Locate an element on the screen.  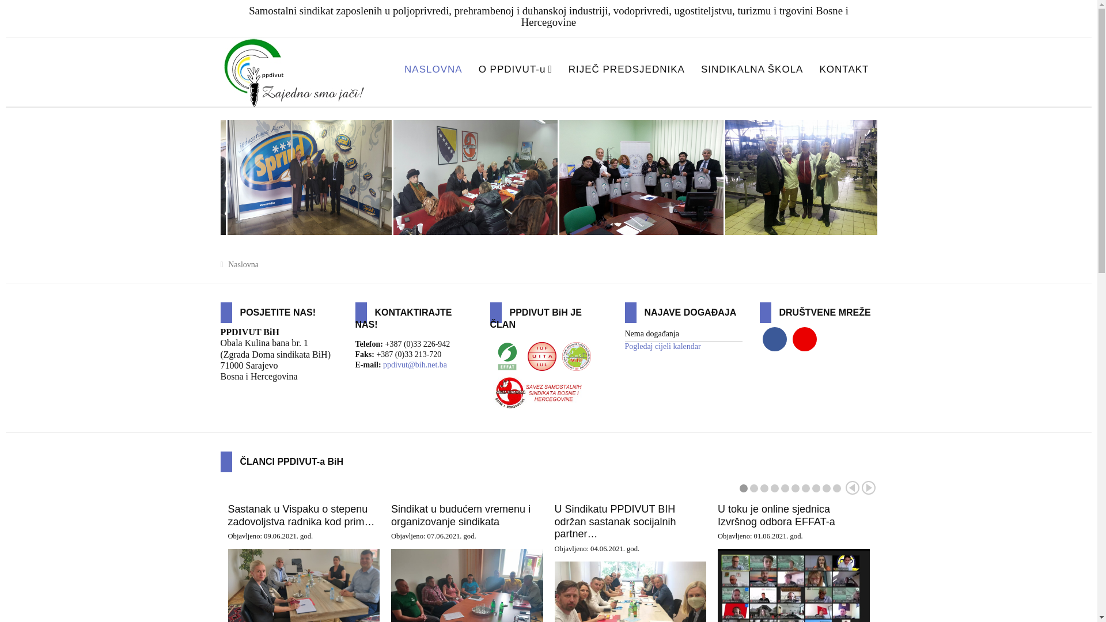
'NASLOVNA' is located at coordinates (433, 70).